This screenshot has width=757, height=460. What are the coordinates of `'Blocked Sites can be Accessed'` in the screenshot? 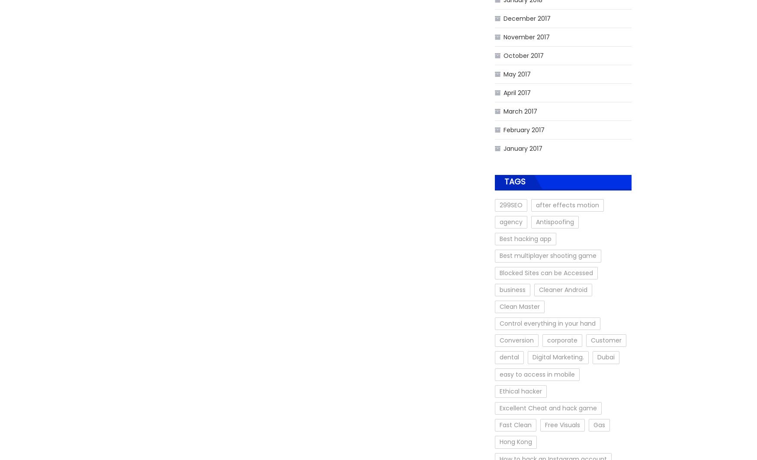 It's located at (545, 273).